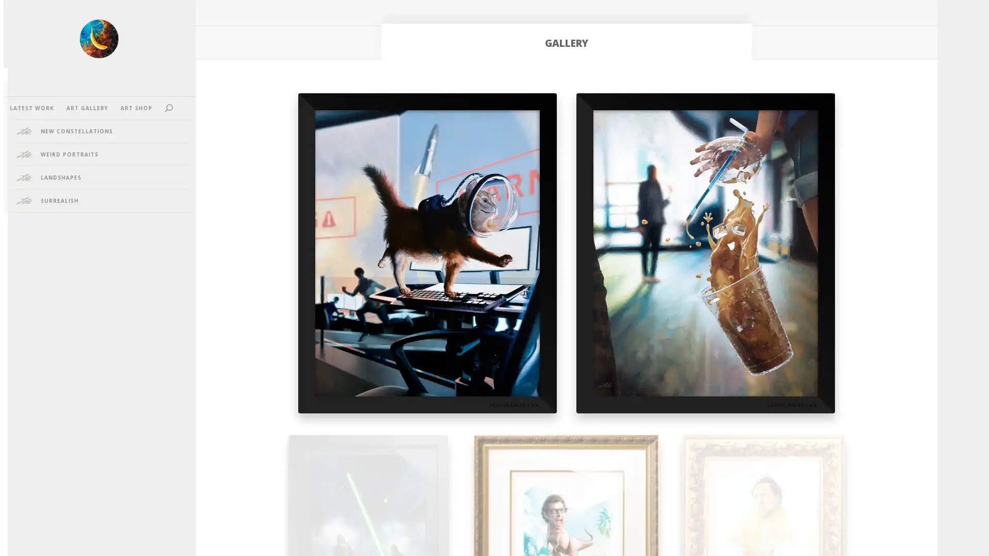  Describe the element at coordinates (179, 108) in the screenshot. I see `U` at that location.